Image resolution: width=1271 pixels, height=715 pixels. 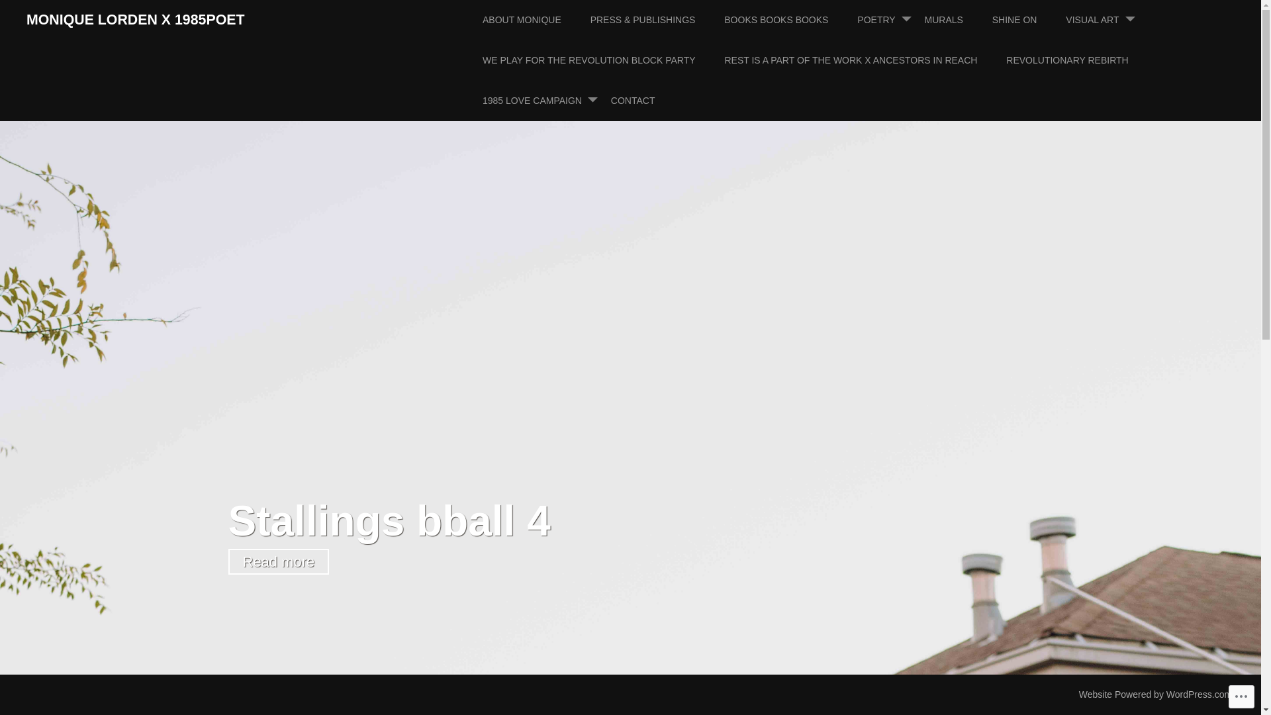 I want to click on 'MURALS', so click(x=957, y=20).